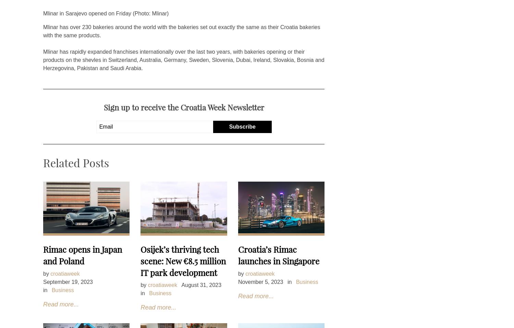 This screenshot has height=328, width=514. What do you see at coordinates (43, 254) in the screenshot?
I see `'Rimac opens in Japan and Poland'` at bounding box center [43, 254].